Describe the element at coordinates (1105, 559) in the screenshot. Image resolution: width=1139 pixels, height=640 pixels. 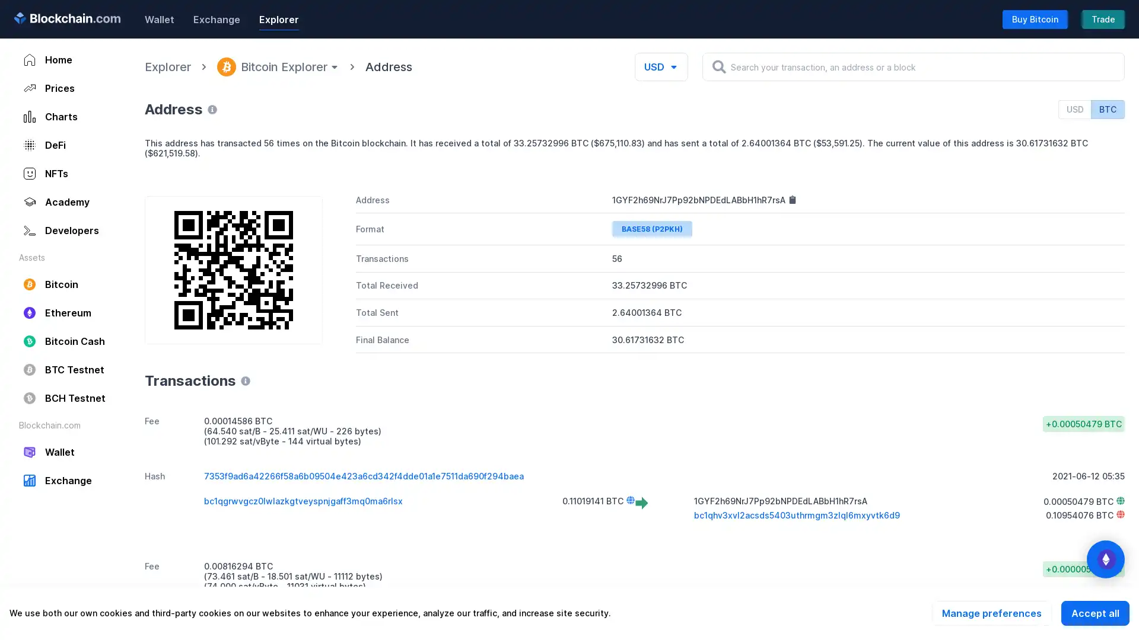
I see `alternating coins` at that location.